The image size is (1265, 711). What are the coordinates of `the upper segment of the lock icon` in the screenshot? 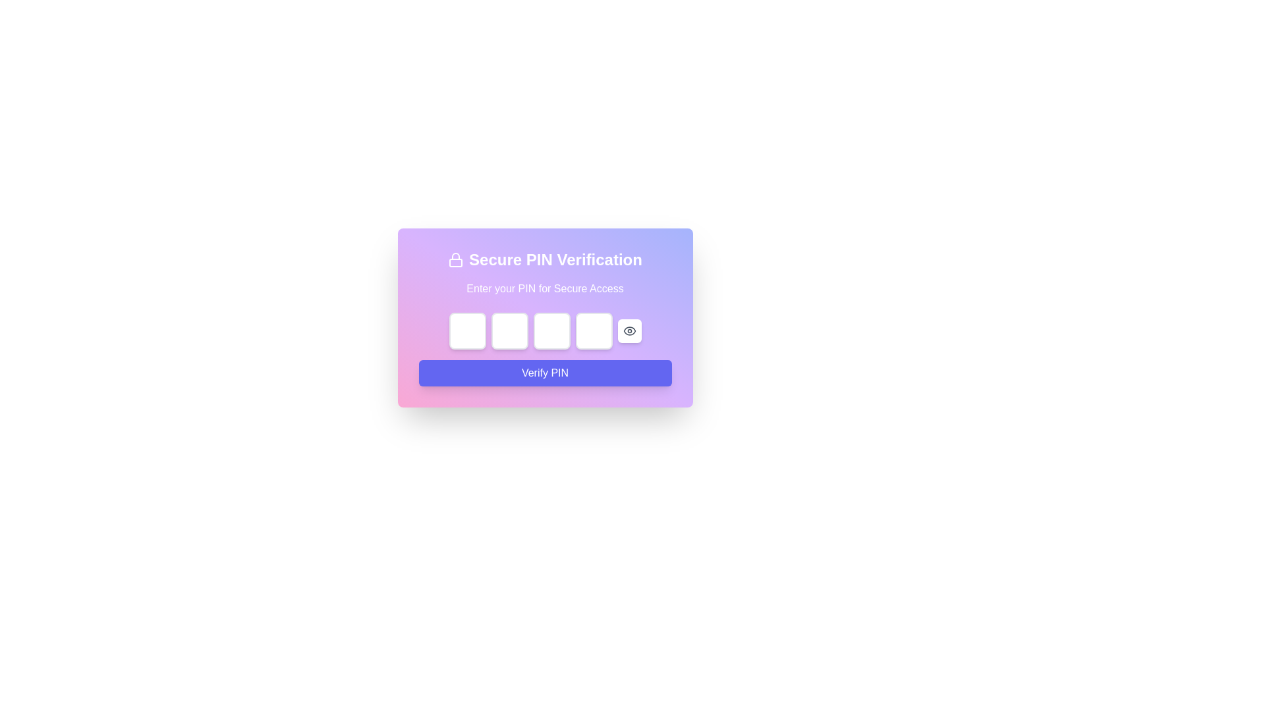 It's located at (456, 256).